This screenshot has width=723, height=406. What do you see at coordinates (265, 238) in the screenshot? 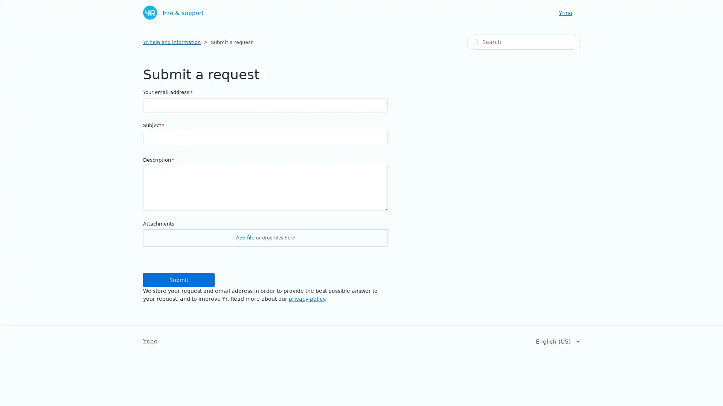
I see `Attachments` at bounding box center [265, 238].